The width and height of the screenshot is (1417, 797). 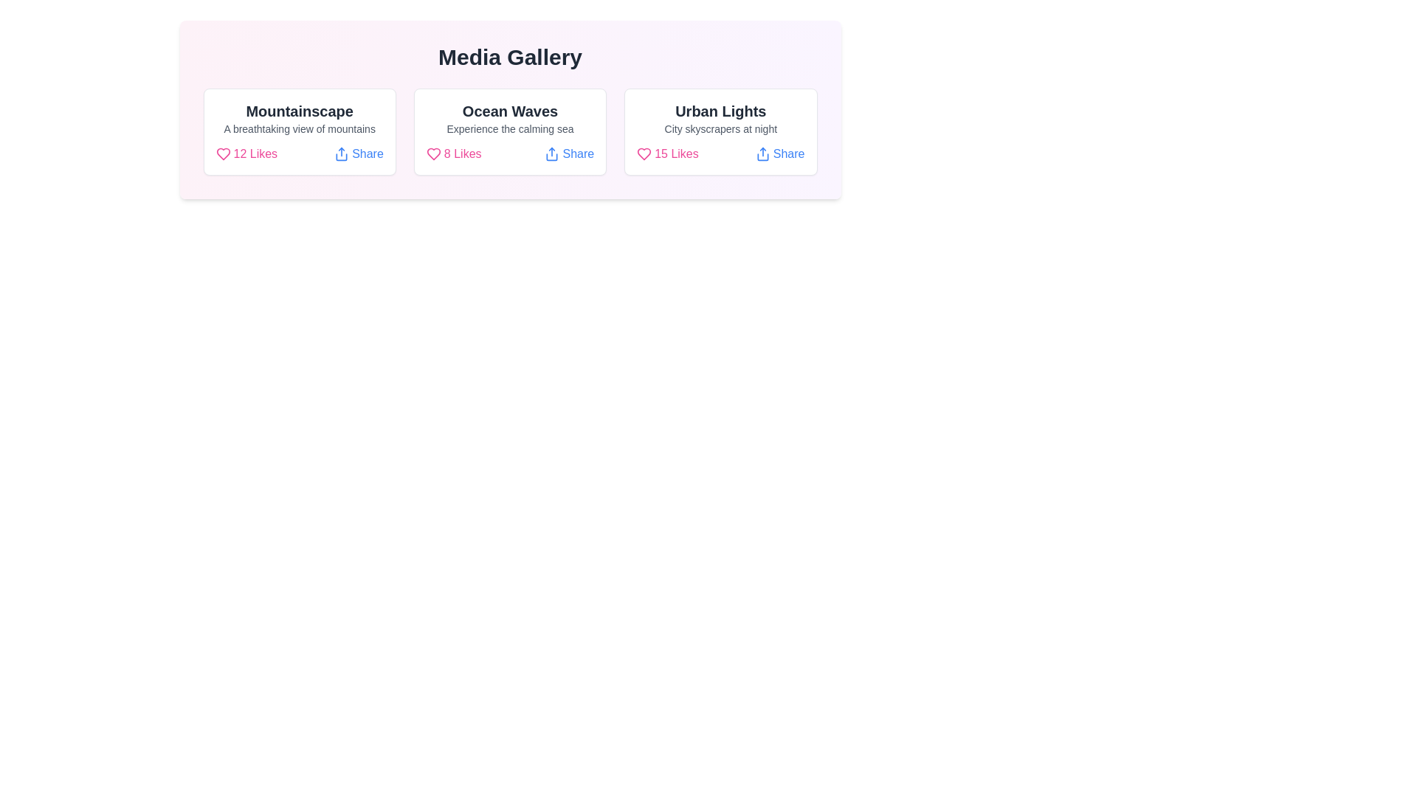 I want to click on the 'Share' button for the item titled 'Mountainscape', so click(x=359, y=153).